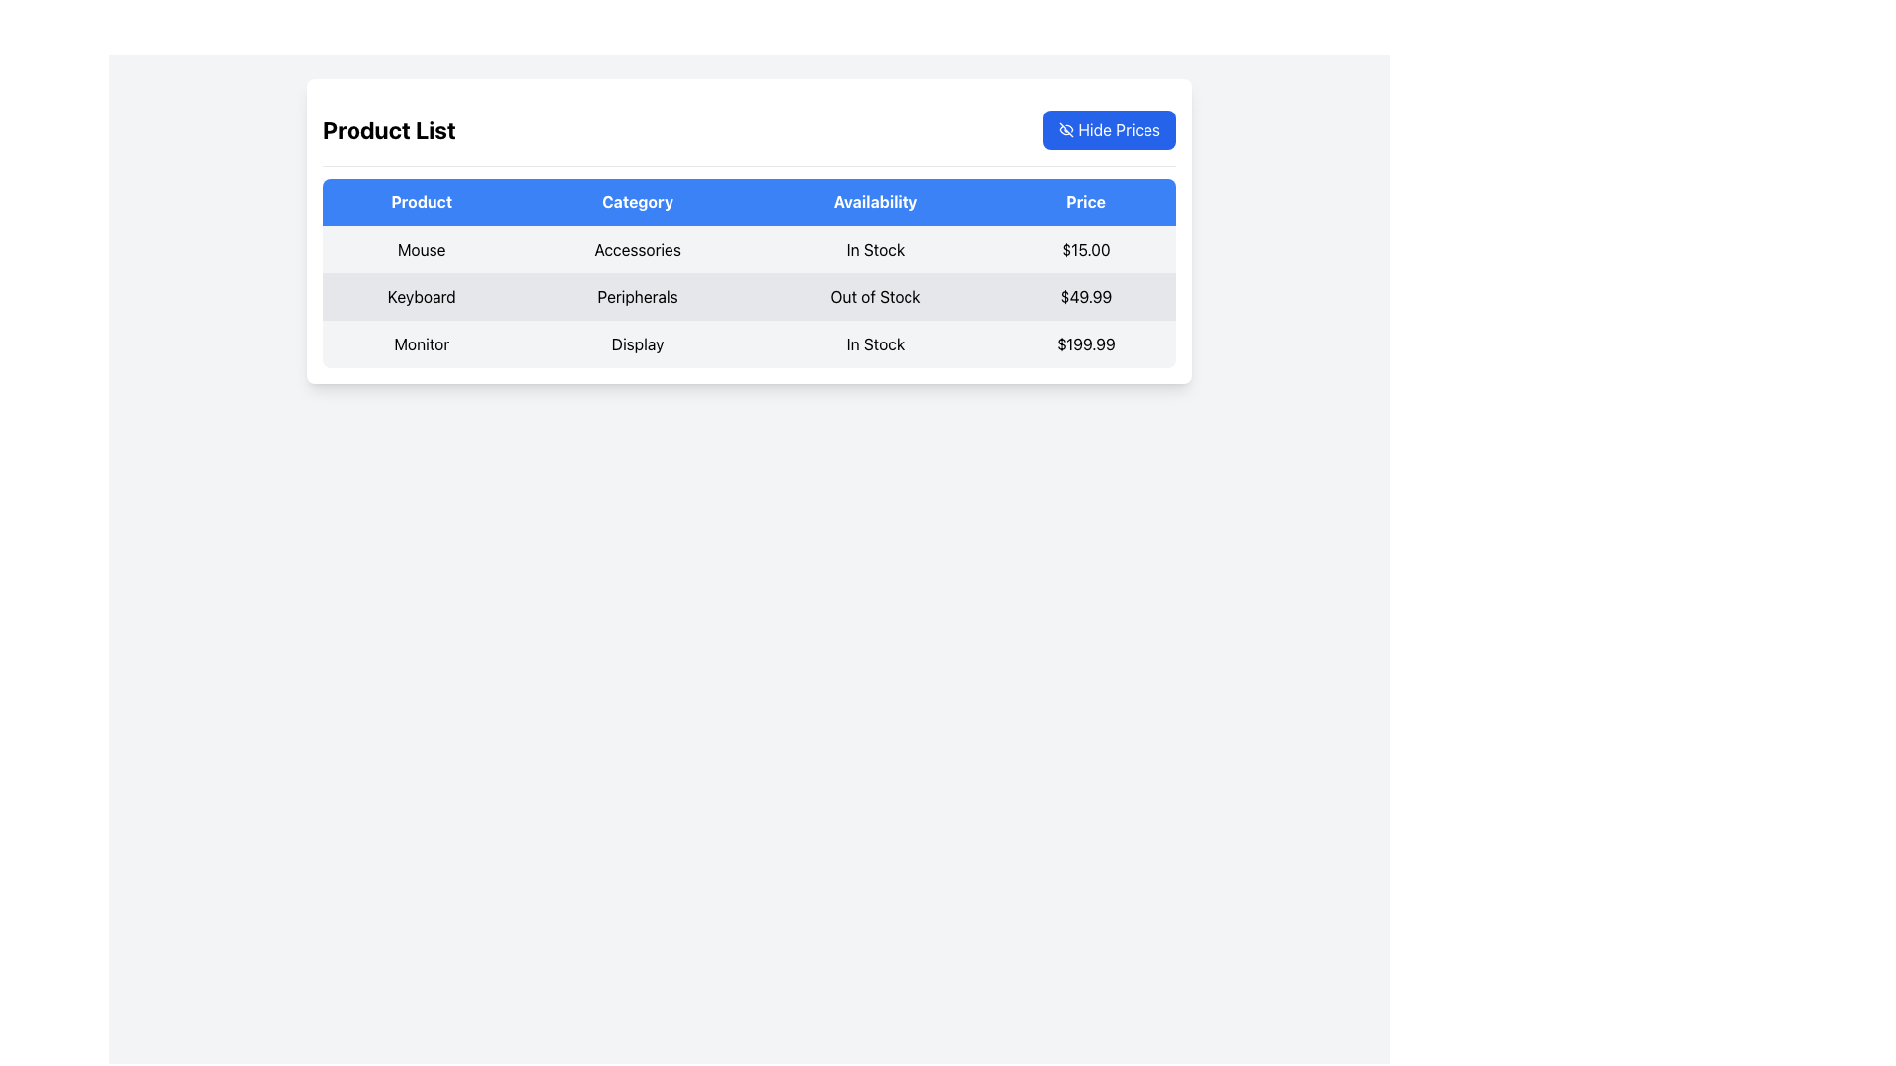 The image size is (1896, 1066). I want to click on the static text element displaying 'Keyboard' located in the second row of the table under the header 'Product', so click(421, 296).